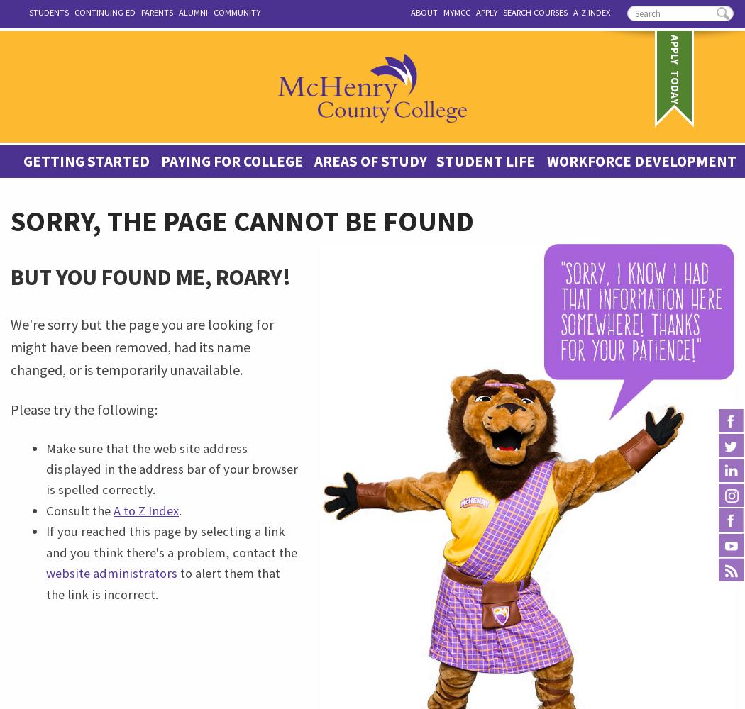  Describe the element at coordinates (641, 160) in the screenshot. I see `'Workforce Development'` at that location.